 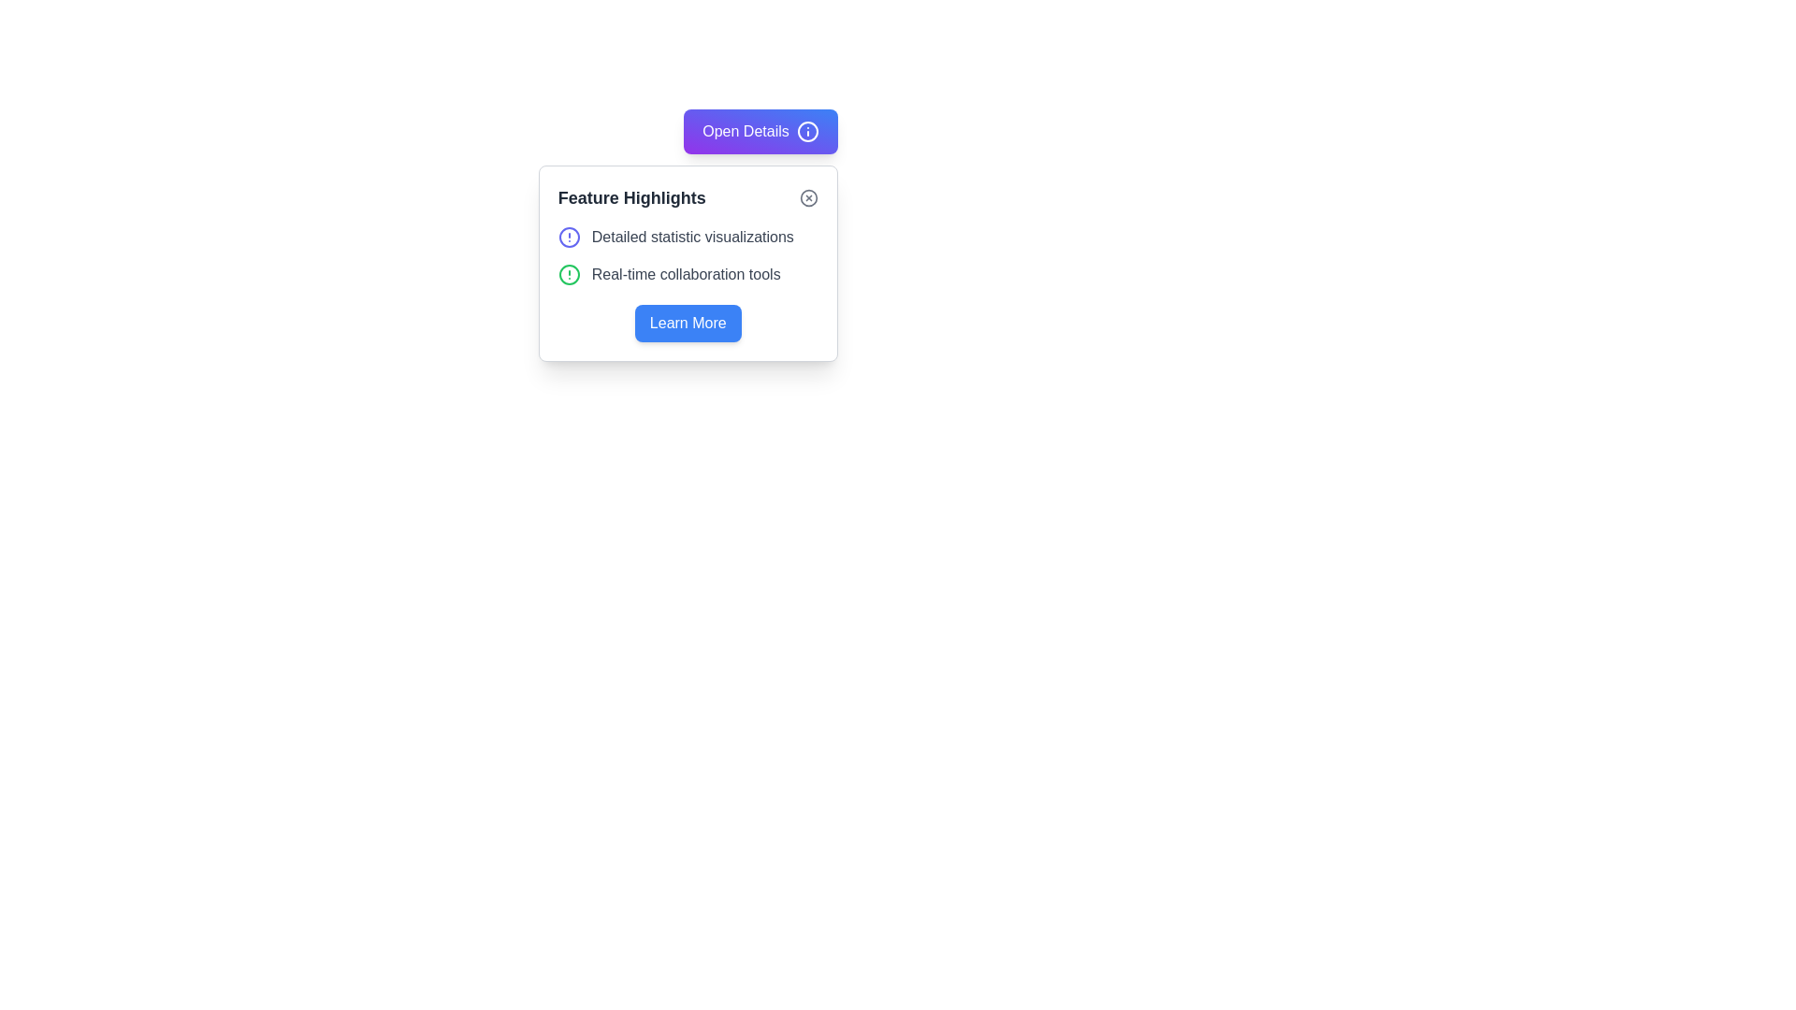 I want to click on the circular SVG shape that is part of the icon indicating 'Real-time collaboration tools', so click(x=568, y=274).